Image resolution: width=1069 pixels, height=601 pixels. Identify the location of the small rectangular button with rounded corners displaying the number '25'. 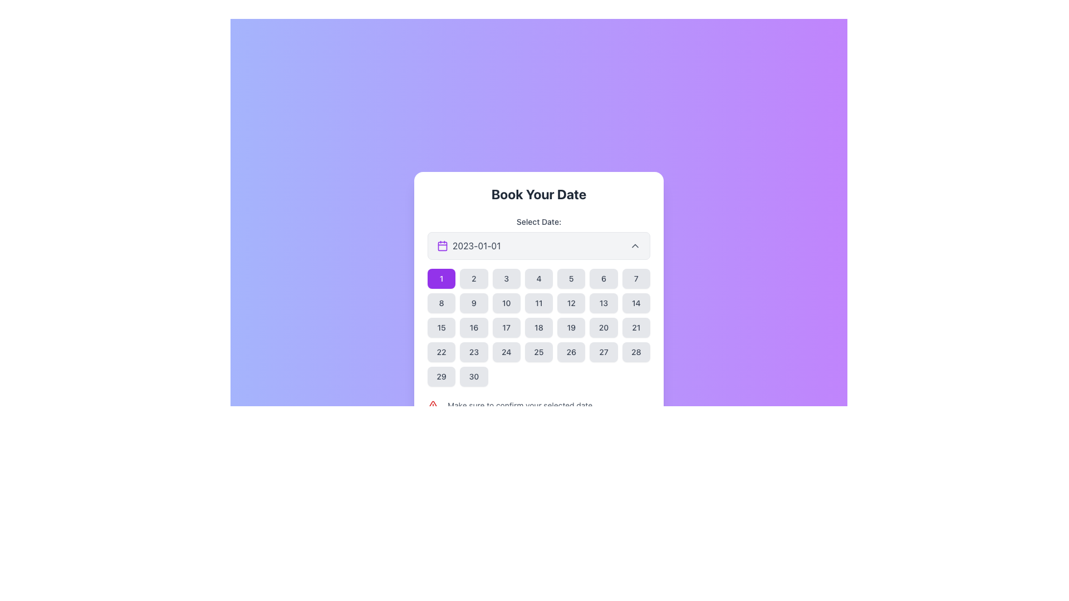
(539, 352).